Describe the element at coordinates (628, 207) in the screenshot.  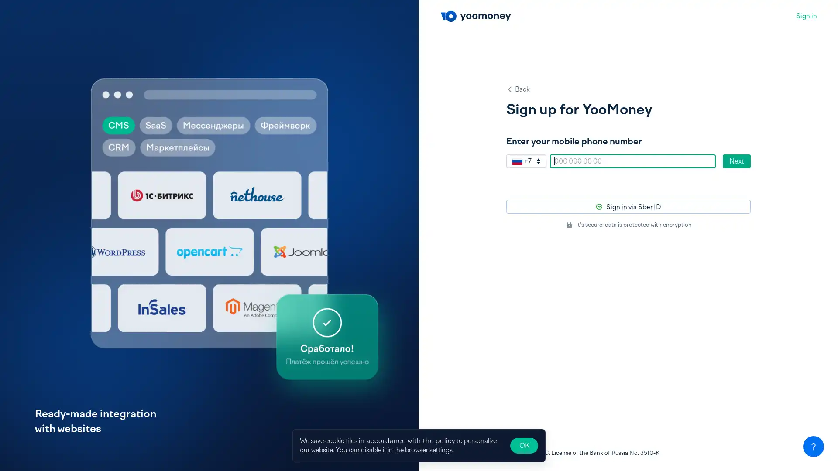
I see `Sign in via Sber ID` at that location.